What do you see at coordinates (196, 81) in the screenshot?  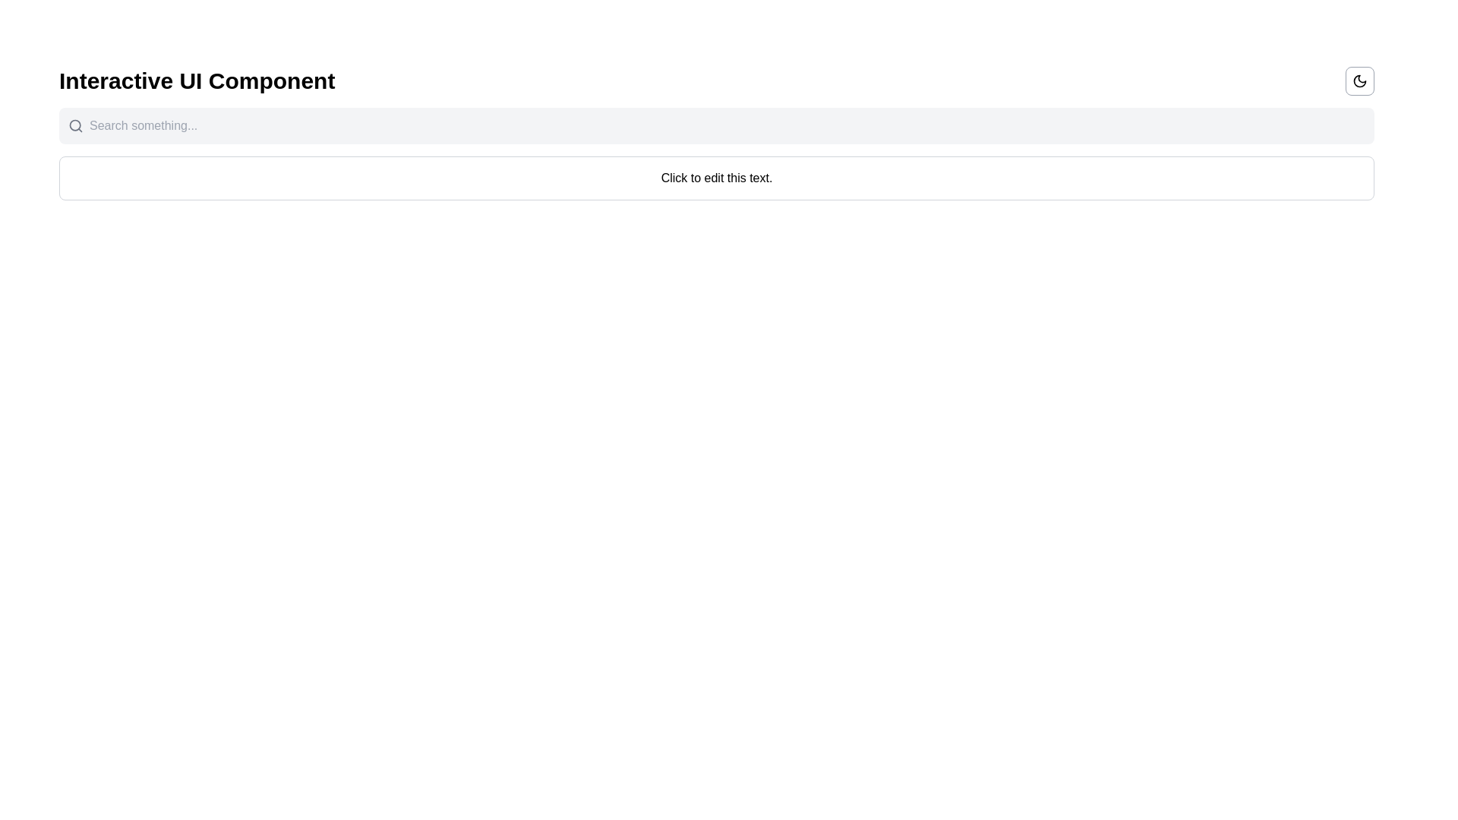 I see `the text element that reads 'Interactive UI Component', which is styled bold and black, located at the top-left corner of the interface` at bounding box center [196, 81].